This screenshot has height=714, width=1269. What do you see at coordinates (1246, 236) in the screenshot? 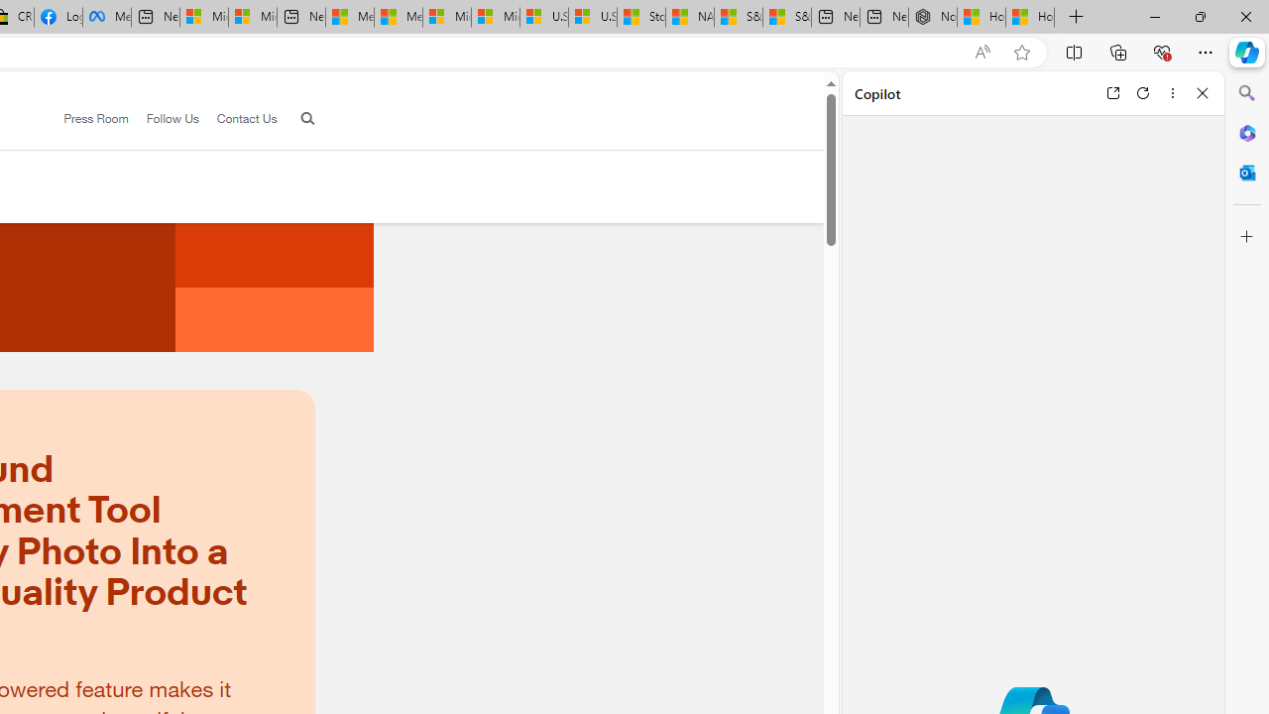
I see `'Customize'` at bounding box center [1246, 236].